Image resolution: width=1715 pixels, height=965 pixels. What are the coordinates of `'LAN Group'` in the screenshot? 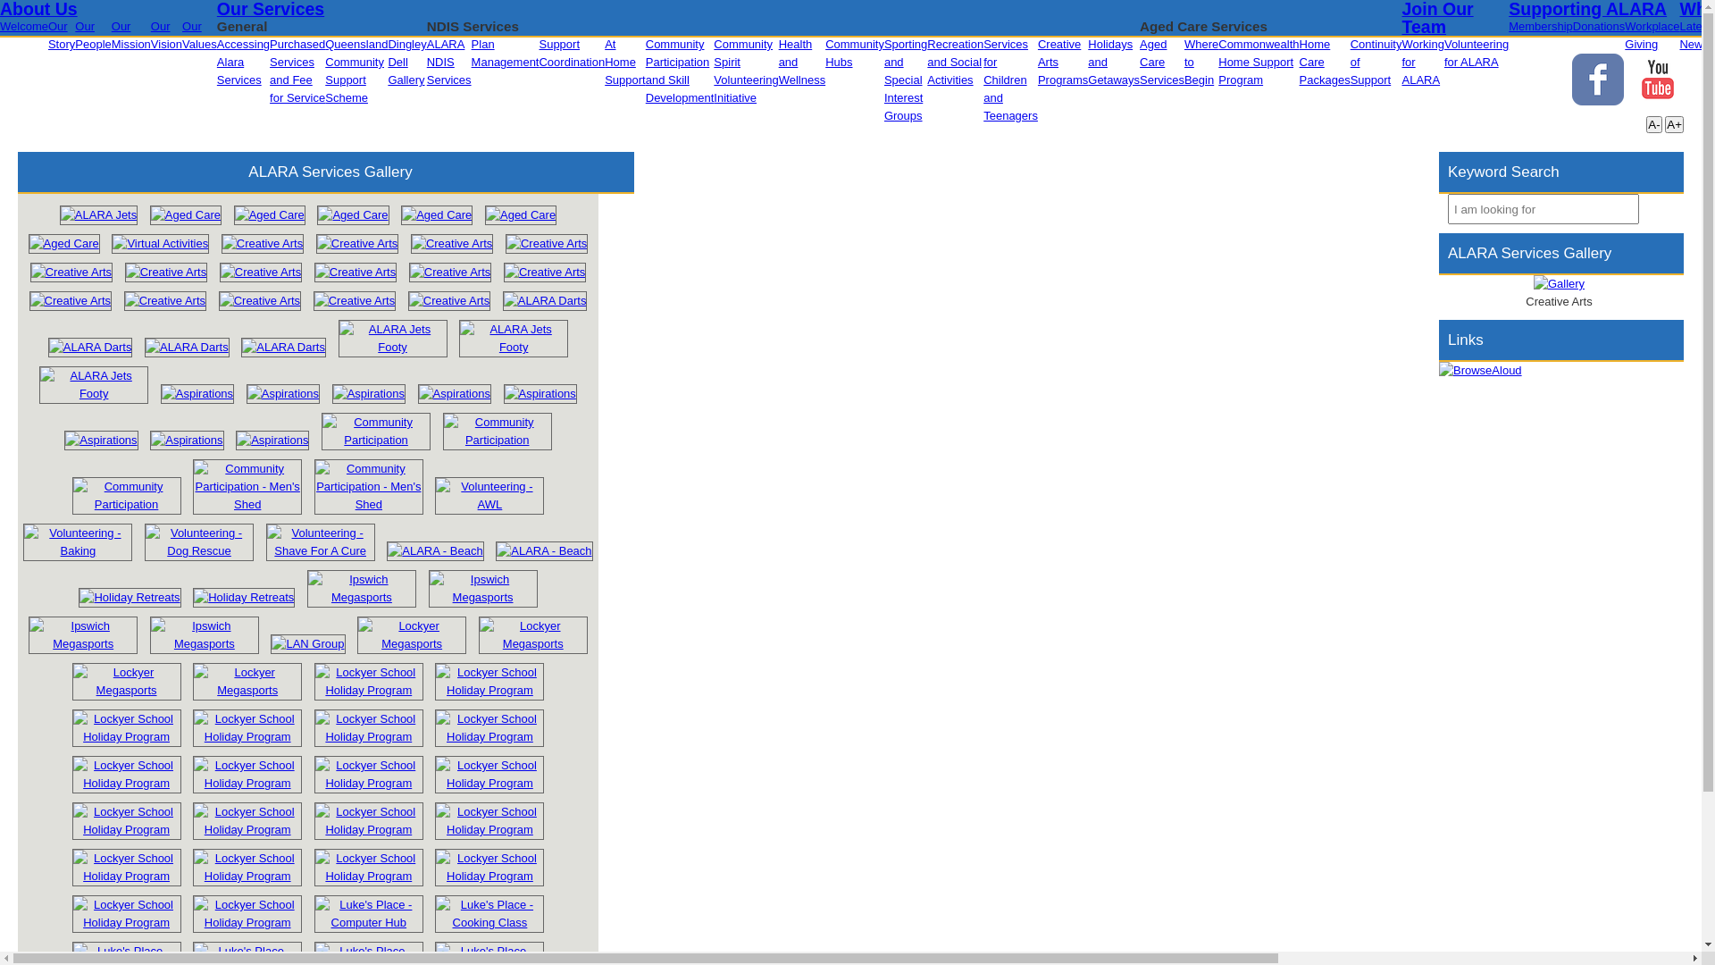 It's located at (307, 644).